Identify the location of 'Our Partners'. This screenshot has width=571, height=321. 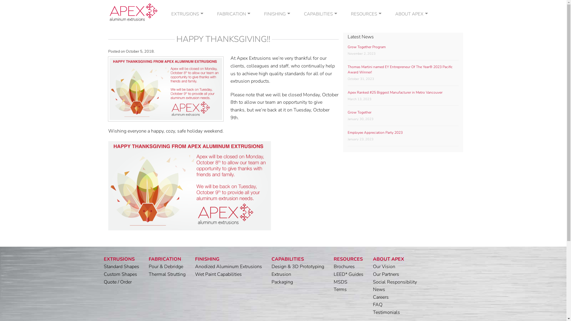
(386, 274).